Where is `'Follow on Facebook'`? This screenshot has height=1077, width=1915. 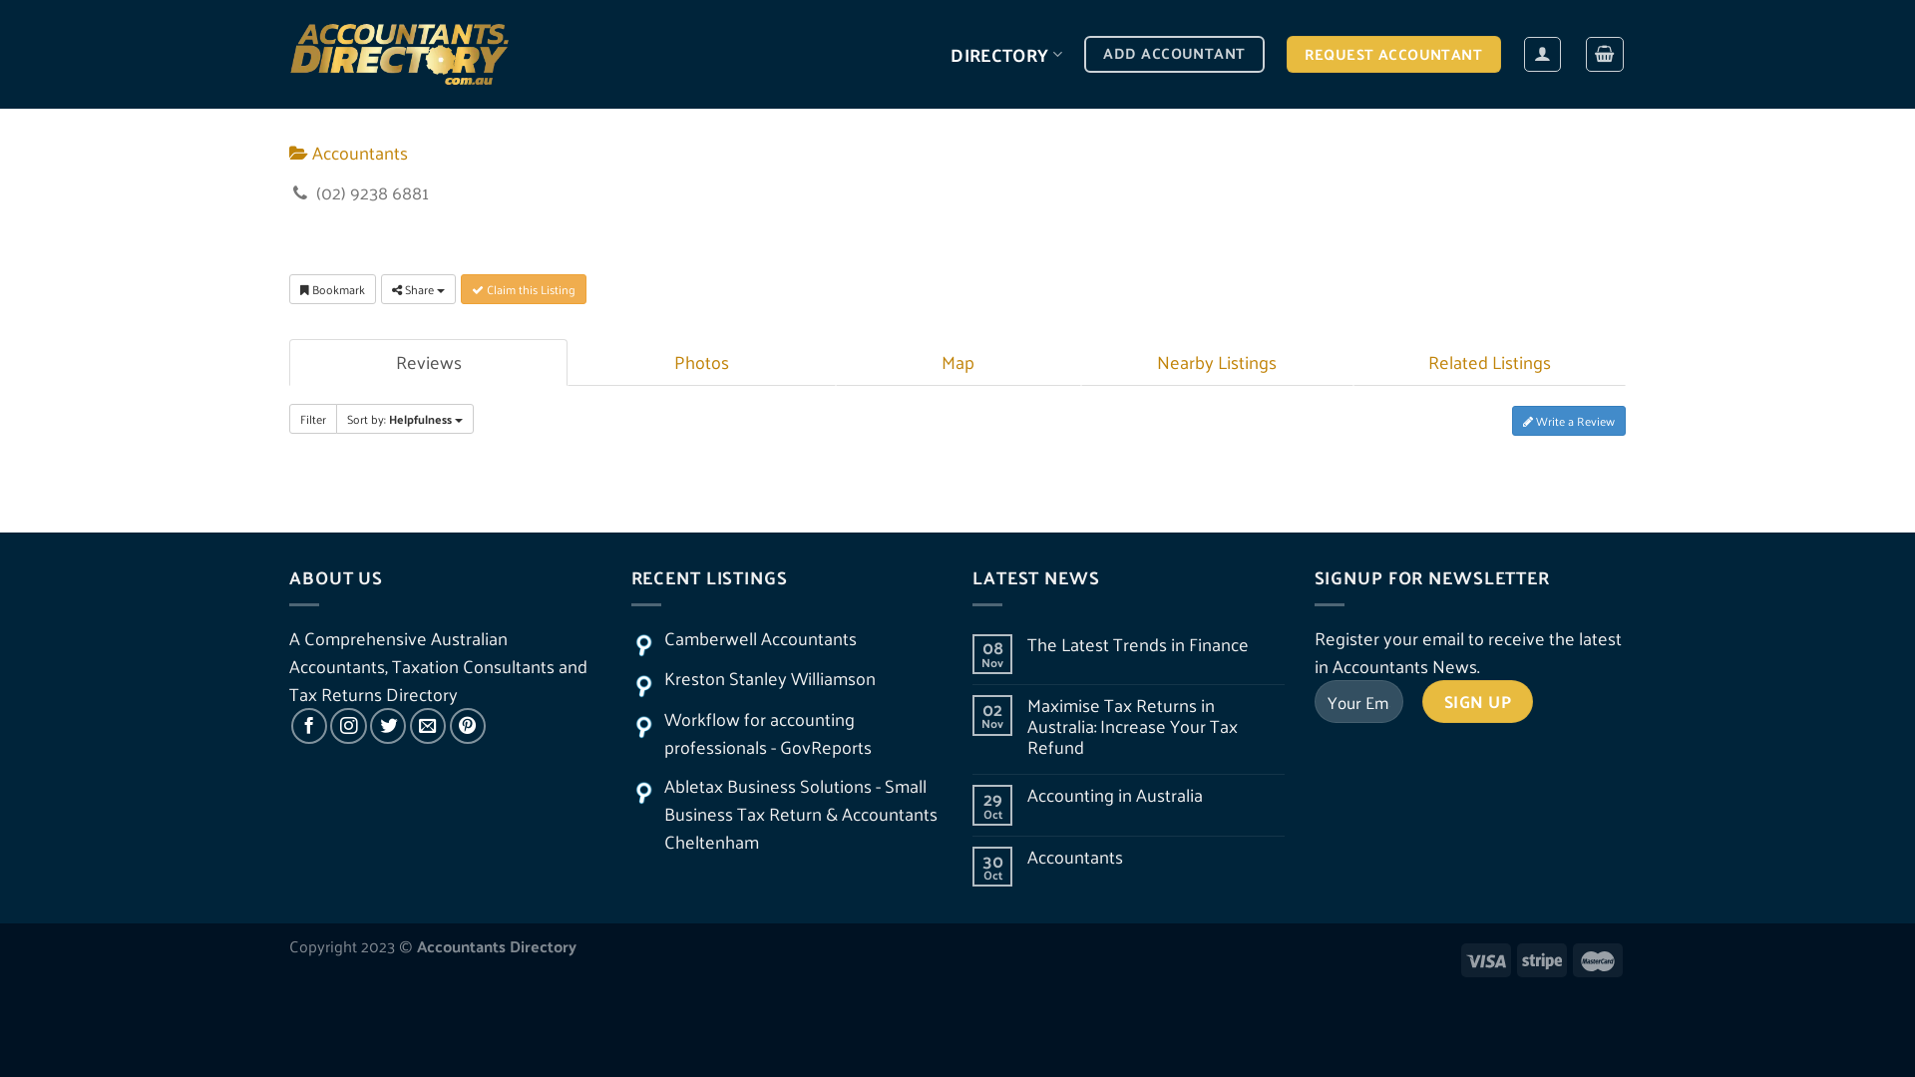
'Follow on Facebook' is located at coordinates (308, 726).